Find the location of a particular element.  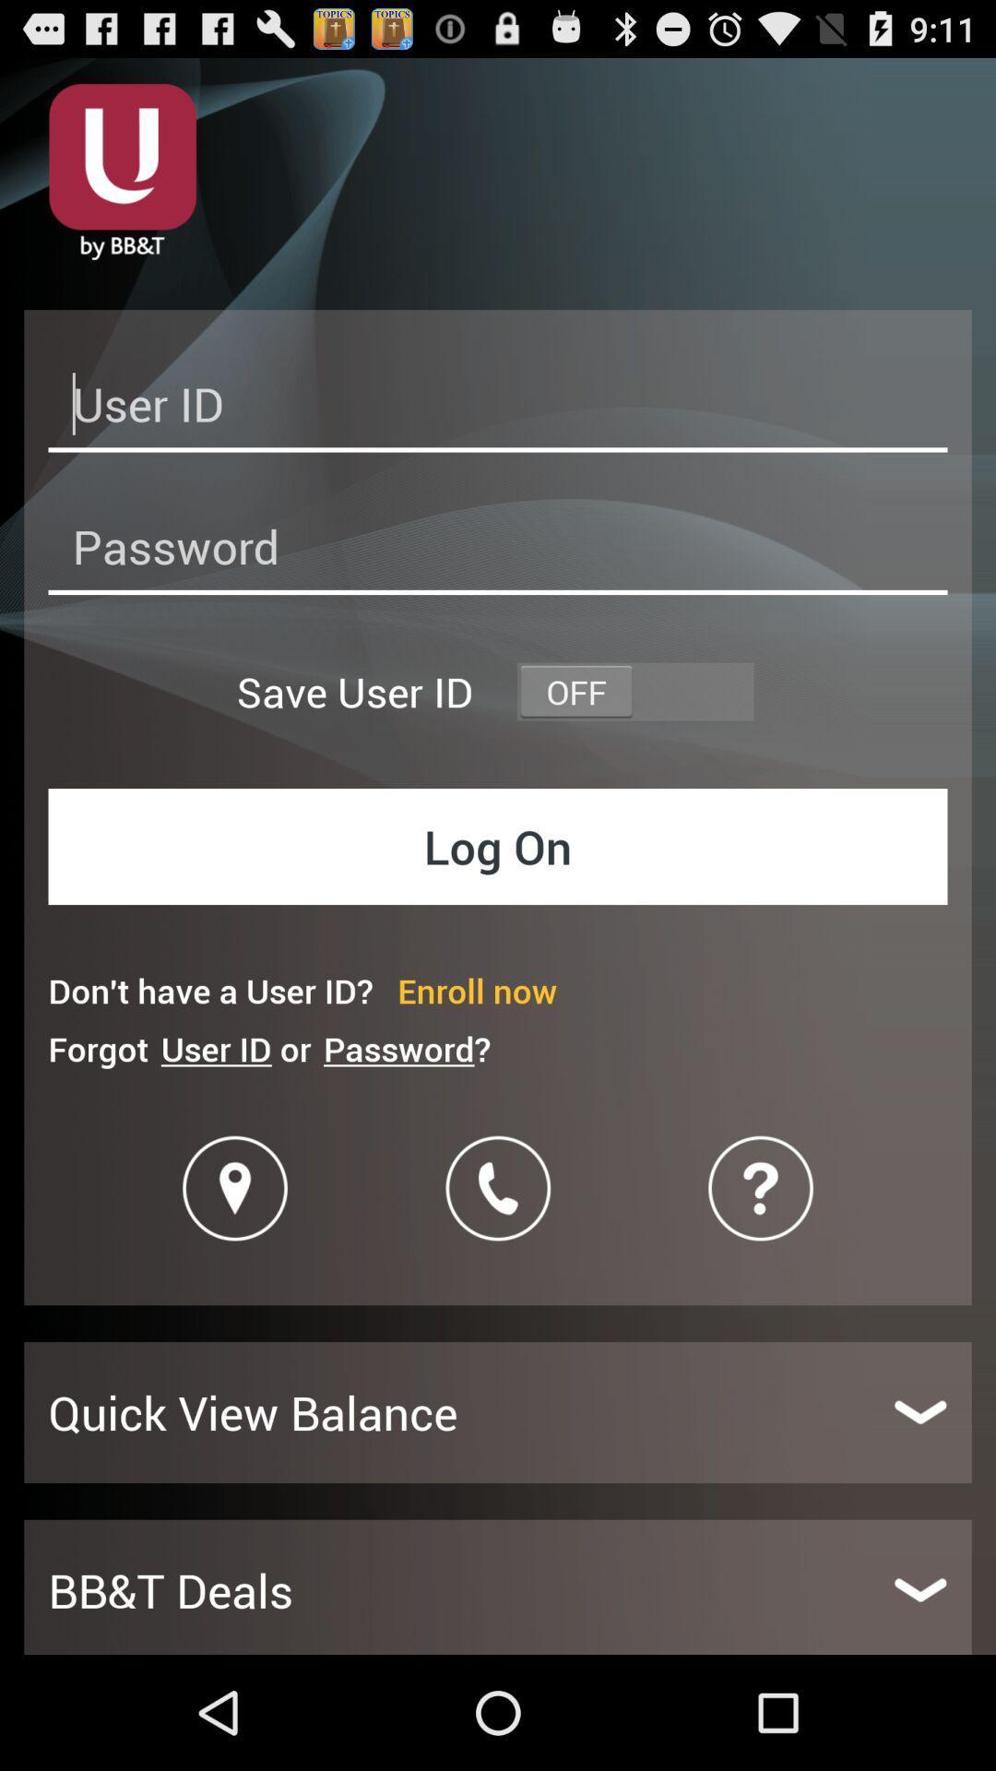

input your userid is located at coordinates (498, 409).